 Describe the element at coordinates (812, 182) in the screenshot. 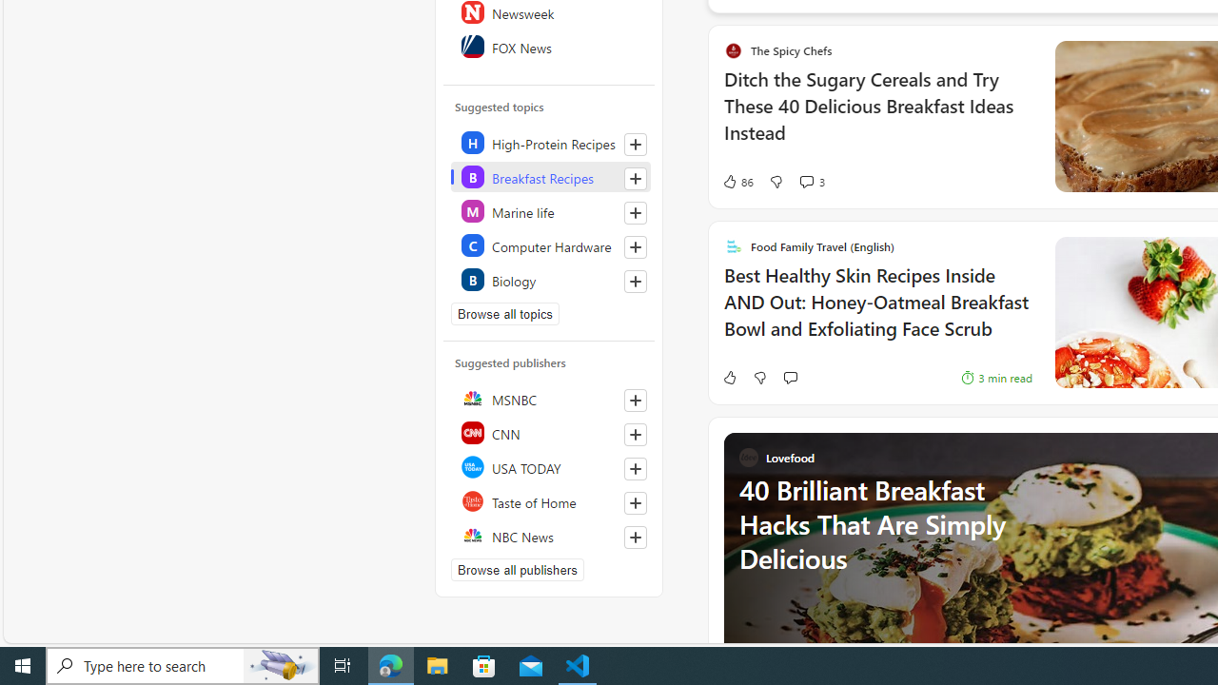

I see `'View comments 3 Comment'` at that location.